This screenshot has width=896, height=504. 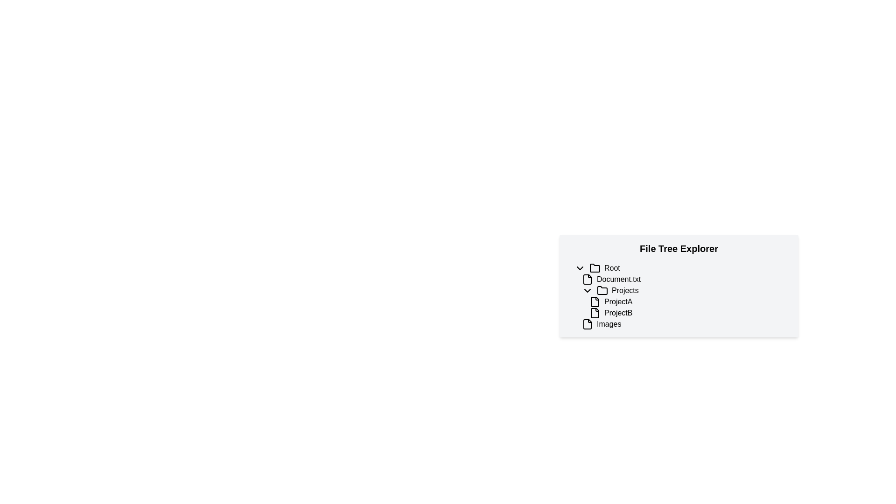 I want to click on the document icon in the 'File Tree Explorer' under the entry labeled 'Images', which features a rectangular body with a folded corner, styled in a wireframe aesthetic, so click(x=587, y=323).